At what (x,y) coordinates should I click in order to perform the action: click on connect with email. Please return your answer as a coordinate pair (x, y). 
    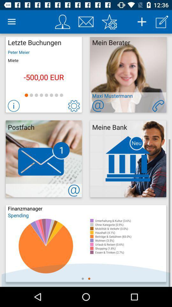
    Looking at the image, I should click on (74, 190).